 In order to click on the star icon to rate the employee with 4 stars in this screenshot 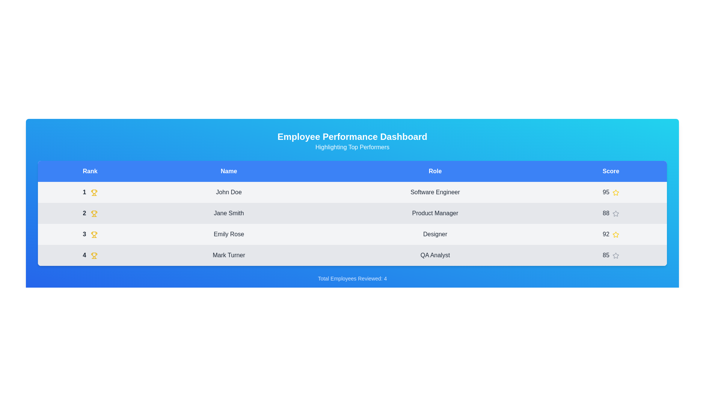, I will do `click(615, 255)`.